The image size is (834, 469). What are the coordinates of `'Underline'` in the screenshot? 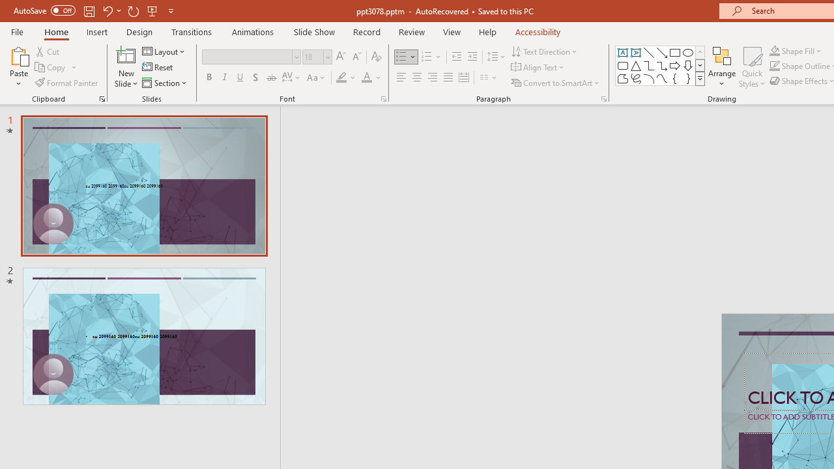 It's located at (240, 78).